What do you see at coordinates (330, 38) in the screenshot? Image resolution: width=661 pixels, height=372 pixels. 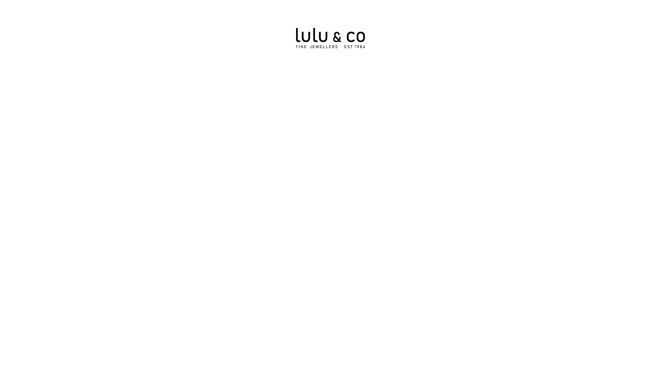 I see `'logo'` at bounding box center [330, 38].